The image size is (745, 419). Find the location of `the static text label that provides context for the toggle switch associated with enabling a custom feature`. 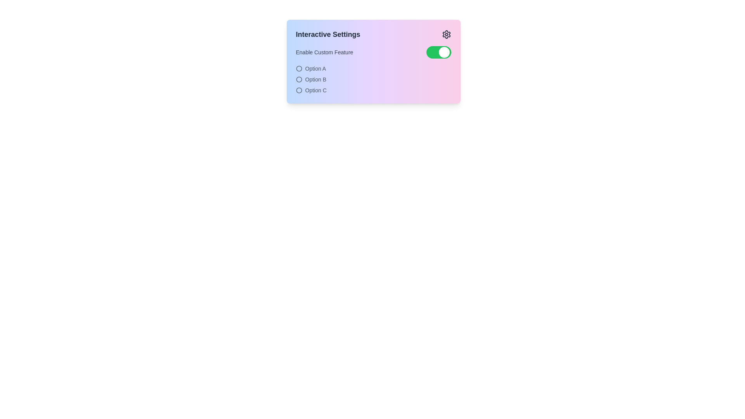

the static text label that provides context for the toggle switch associated with enabling a custom feature is located at coordinates (324, 52).